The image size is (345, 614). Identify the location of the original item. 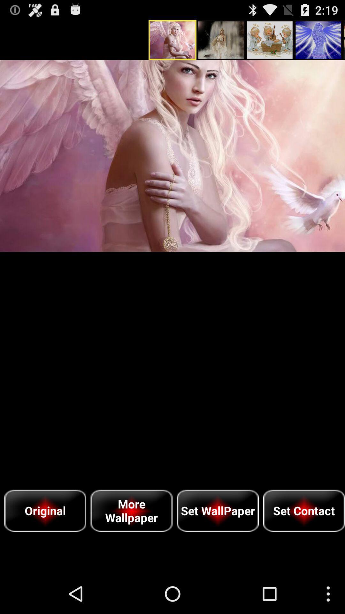
(45, 510).